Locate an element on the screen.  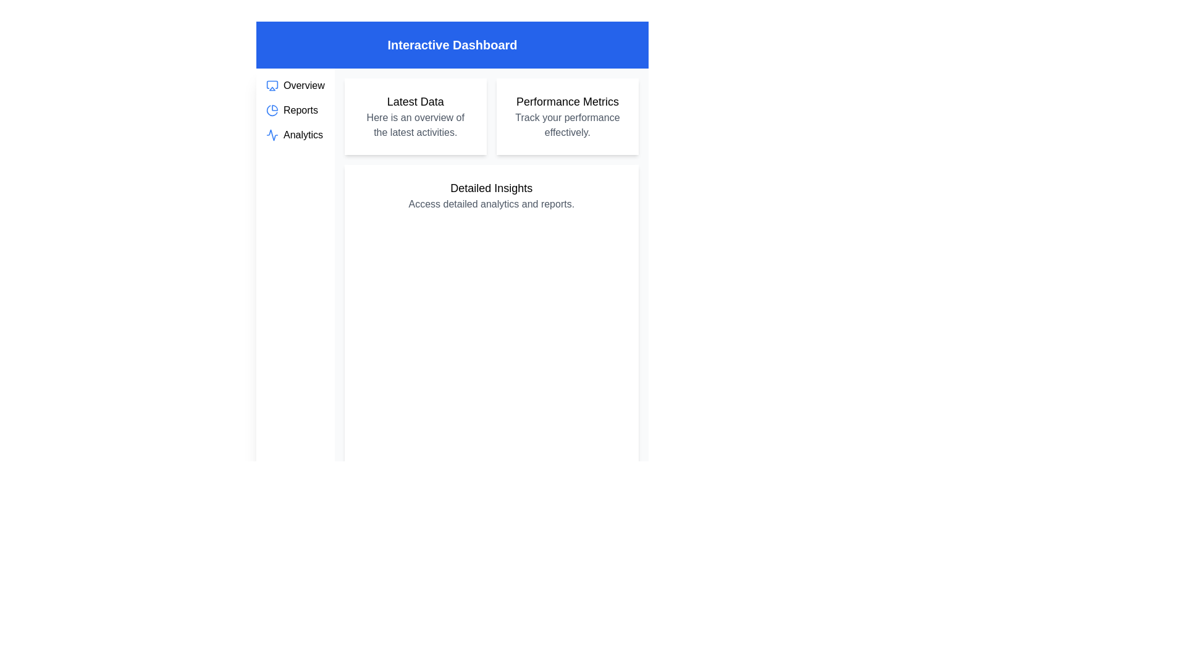
the blue pie chart icon located in the sidebar next to the 'Reports' label is located at coordinates (272, 109).